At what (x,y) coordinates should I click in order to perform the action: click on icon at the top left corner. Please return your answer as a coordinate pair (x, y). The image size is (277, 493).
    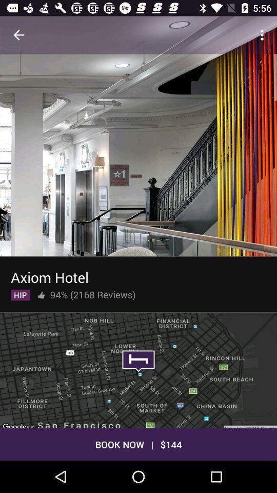
    Looking at the image, I should click on (18, 35).